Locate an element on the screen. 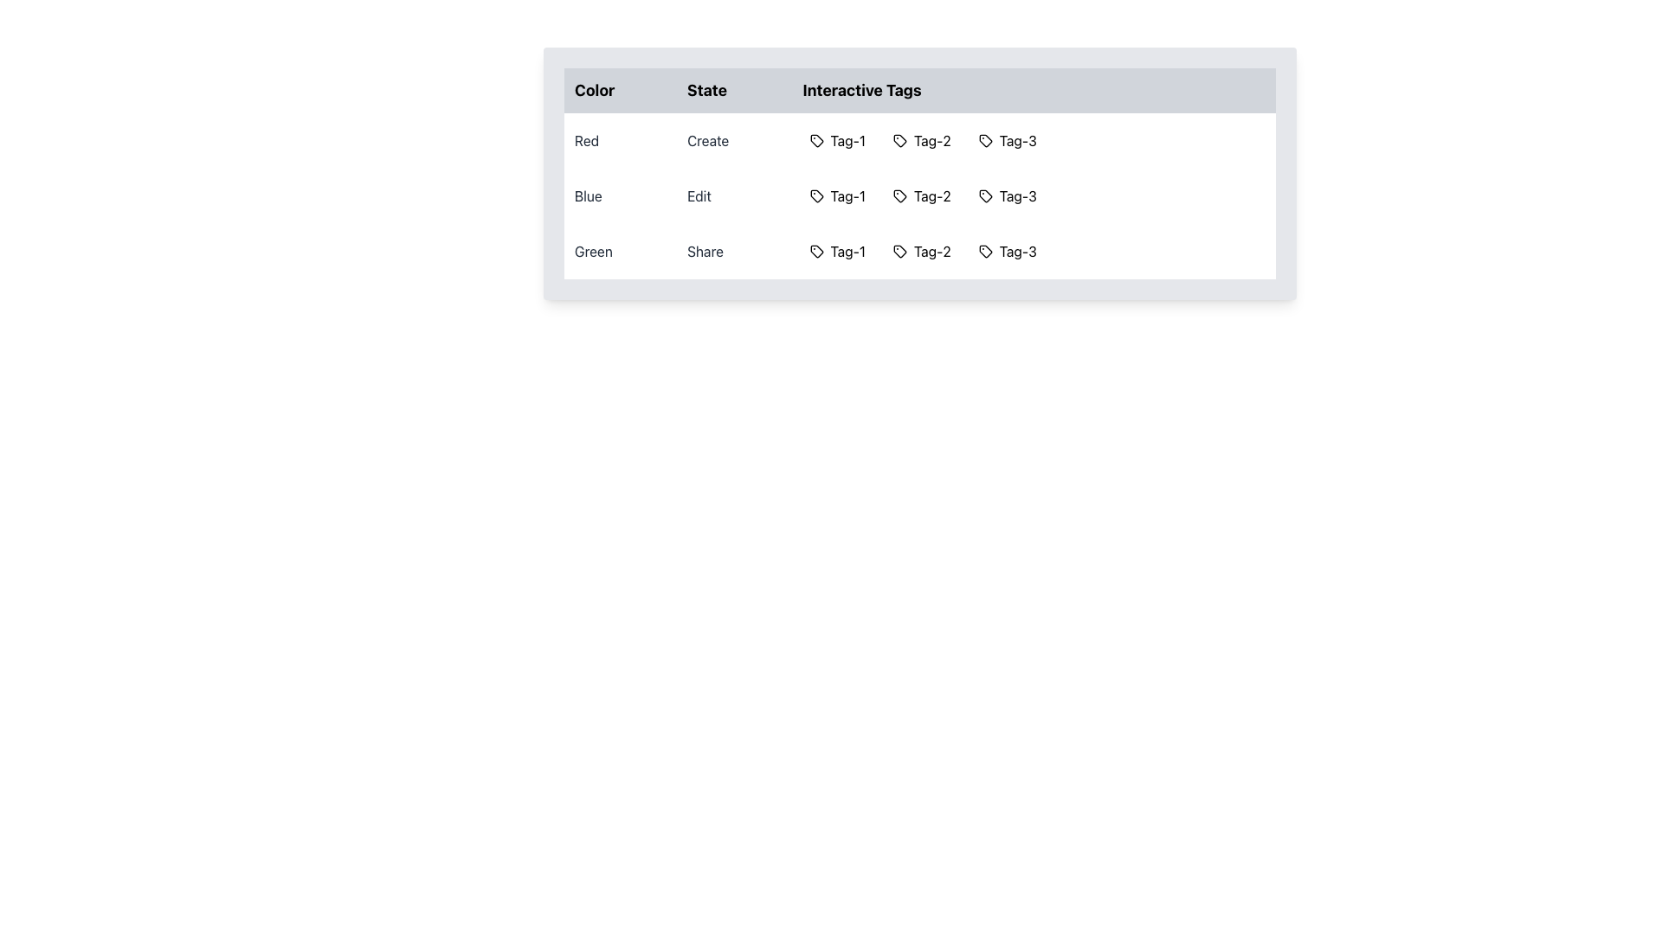 The height and width of the screenshot is (934, 1662). the tag icon representing the 'Tag-3' label in the first row of the table under the 'Interactive Tags' column is located at coordinates (985, 139).